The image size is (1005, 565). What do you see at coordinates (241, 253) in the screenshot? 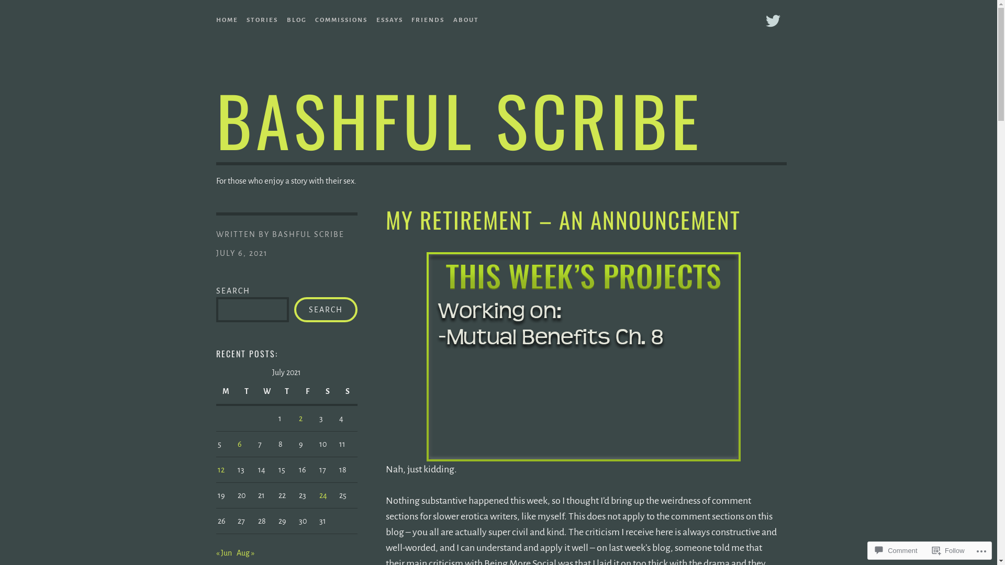
I see `'JULY 6, 2021'` at bounding box center [241, 253].